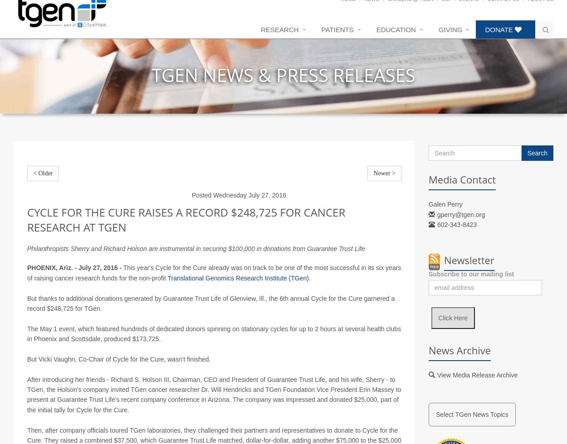  Describe the element at coordinates (540, 9) in the screenshot. I see `'About Us'` at that location.